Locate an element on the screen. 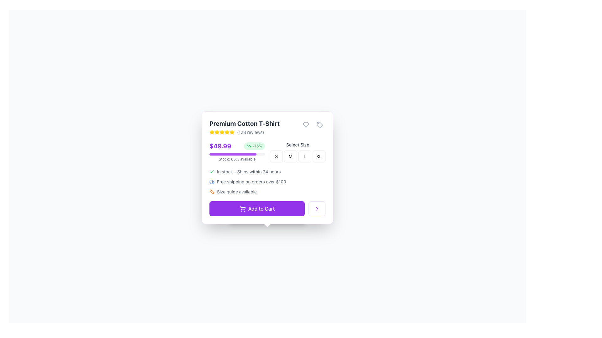  the heart-shaped icon button located at the top-right corner of the card to change its color from gray to rose red is located at coordinates (306, 125).